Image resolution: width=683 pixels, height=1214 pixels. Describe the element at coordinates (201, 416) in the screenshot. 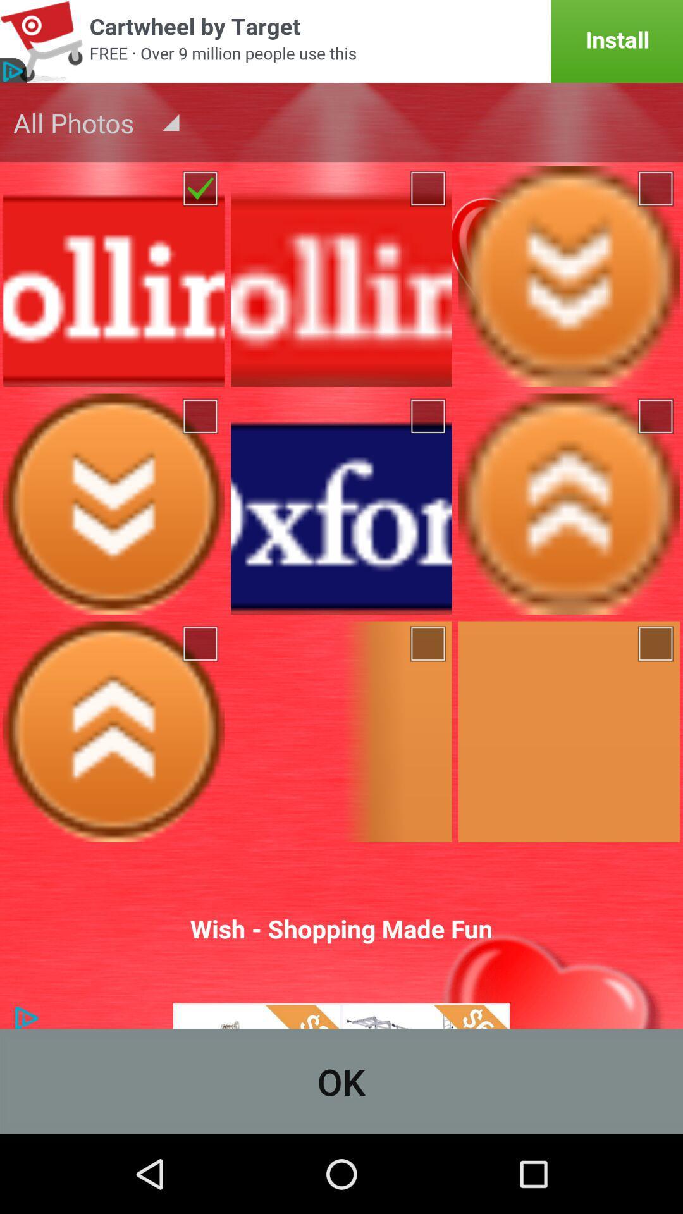

I see `first check box which is at second row` at that location.